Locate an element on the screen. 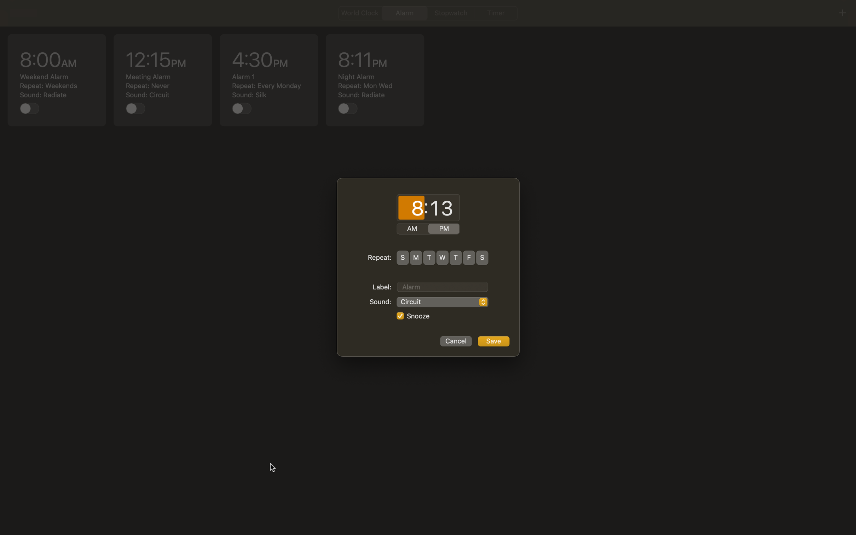 This screenshot has height=535, width=856. Arrange the alarm to go off on each weekday is located at coordinates (416, 257).